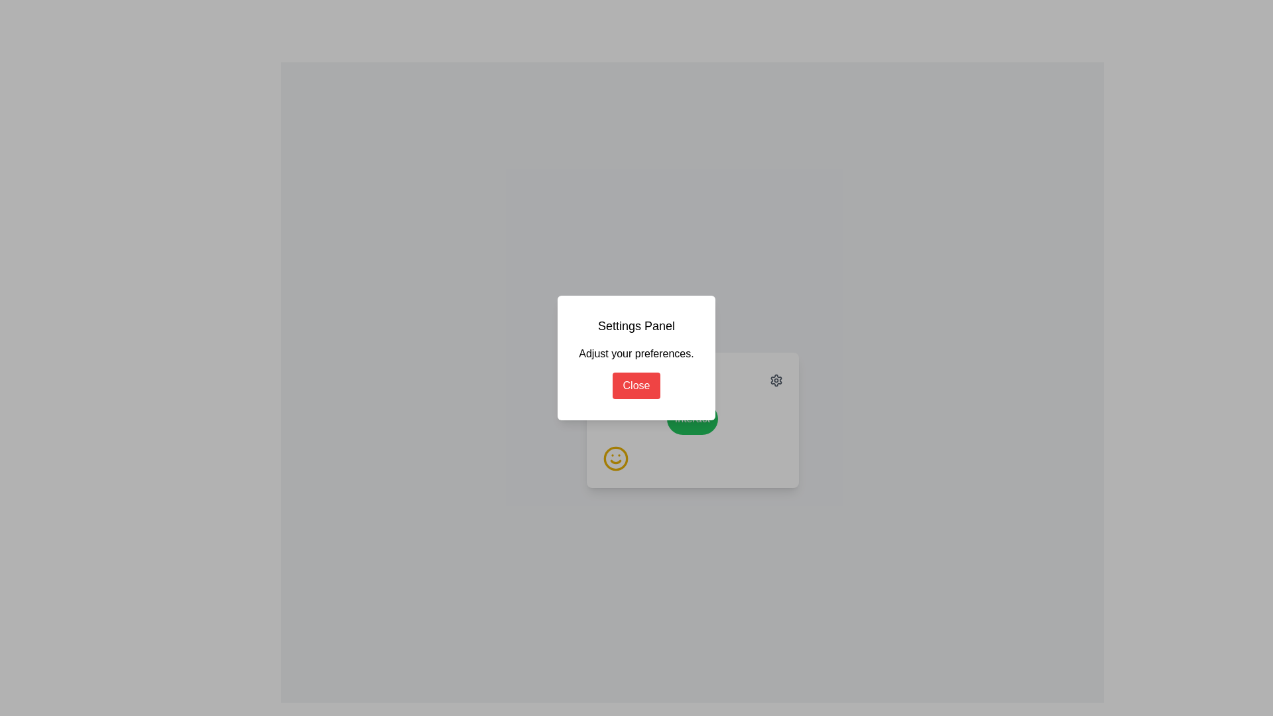 The image size is (1273, 716). Describe the element at coordinates (776, 381) in the screenshot. I see `the small cogwheel icon representing settings, located at the top right of the visible card in the interface` at that location.